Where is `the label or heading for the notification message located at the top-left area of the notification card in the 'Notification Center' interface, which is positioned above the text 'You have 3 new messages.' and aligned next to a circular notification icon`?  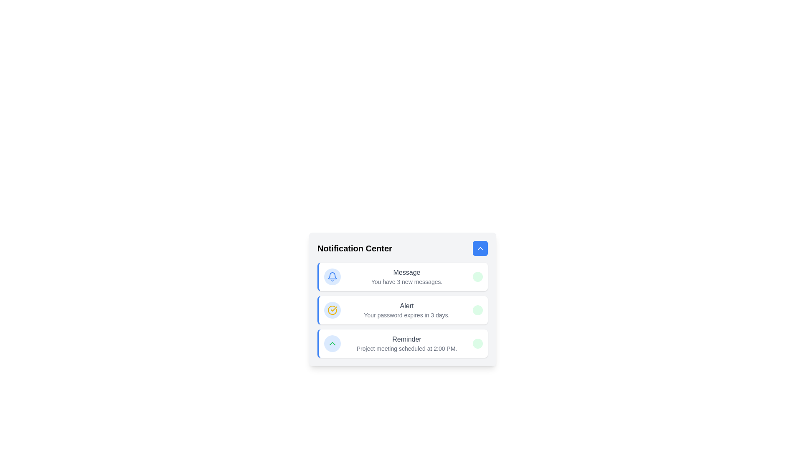
the label or heading for the notification message located at the top-left area of the notification card in the 'Notification Center' interface, which is positioned above the text 'You have 3 new messages.' and aligned next to a circular notification icon is located at coordinates (407, 272).